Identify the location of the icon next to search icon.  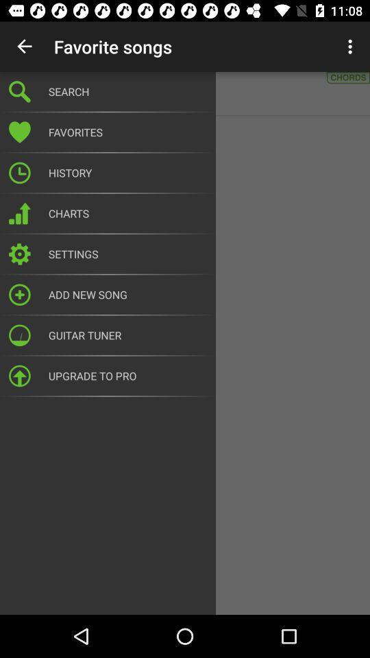
(351, 47).